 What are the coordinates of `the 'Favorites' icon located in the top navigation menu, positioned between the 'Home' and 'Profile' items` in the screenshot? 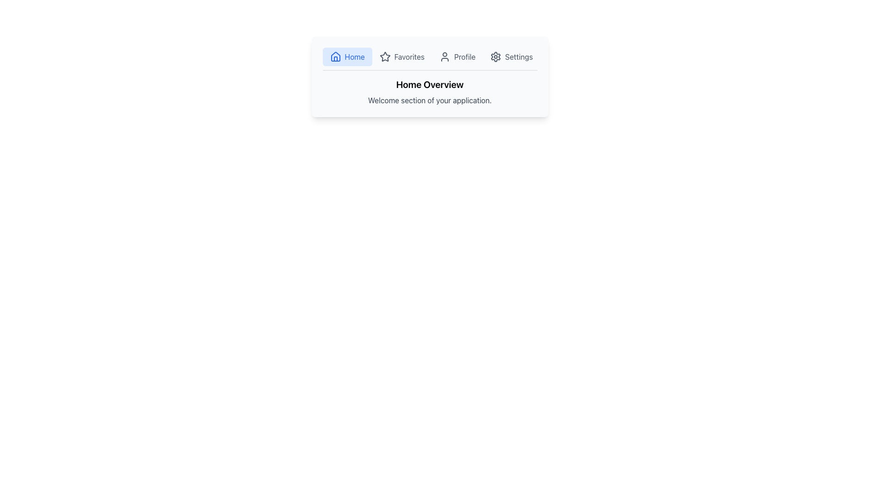 It's located at (385, 57).